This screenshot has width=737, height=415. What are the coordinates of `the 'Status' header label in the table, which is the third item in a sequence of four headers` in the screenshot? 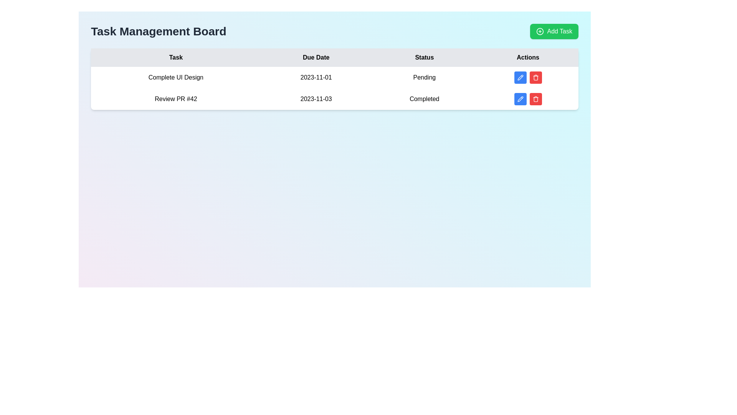 It's located at (424, 57).